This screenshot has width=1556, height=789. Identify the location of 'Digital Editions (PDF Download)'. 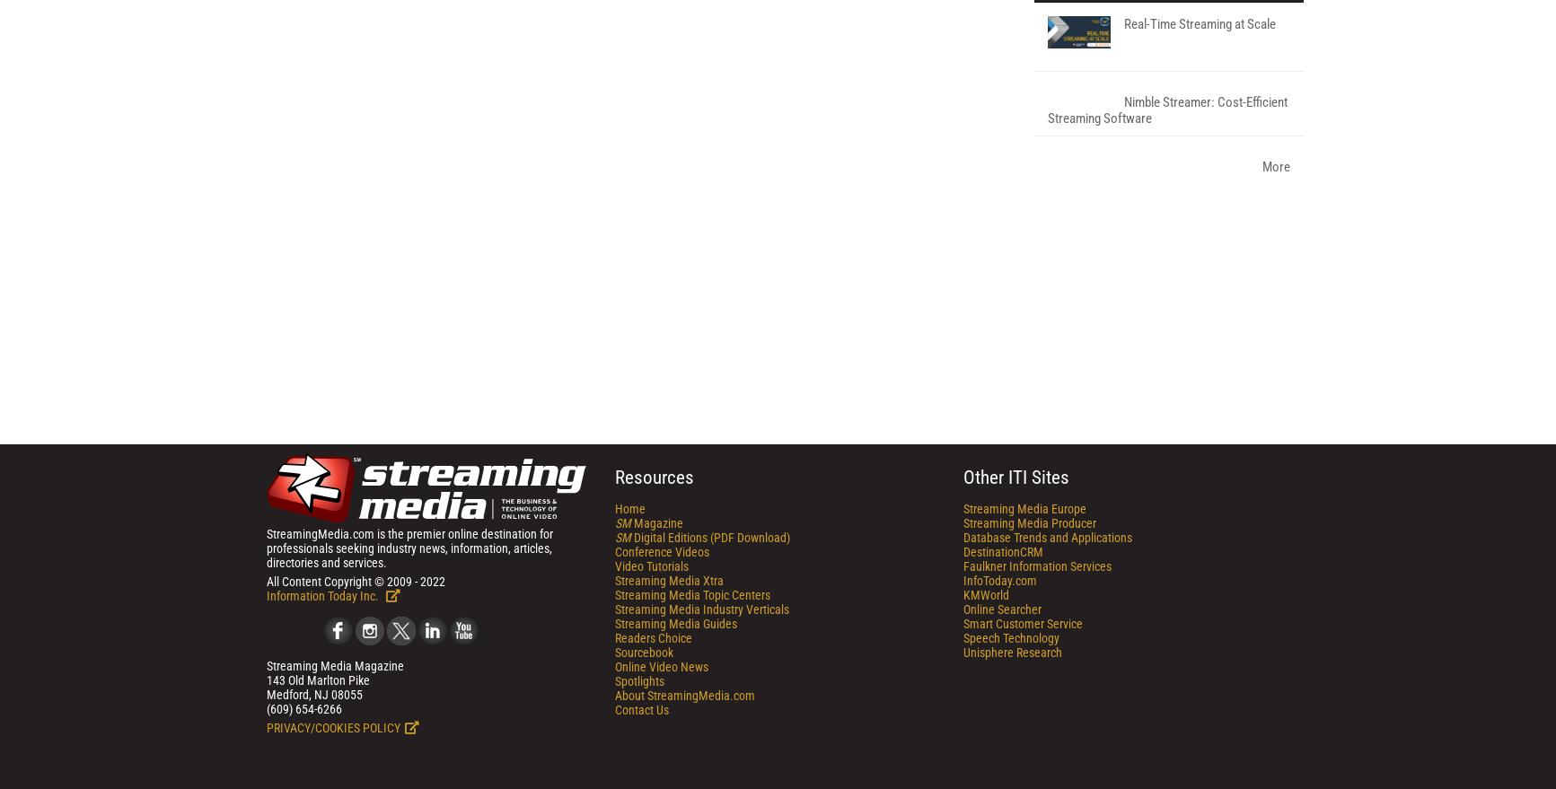
(709, 772).